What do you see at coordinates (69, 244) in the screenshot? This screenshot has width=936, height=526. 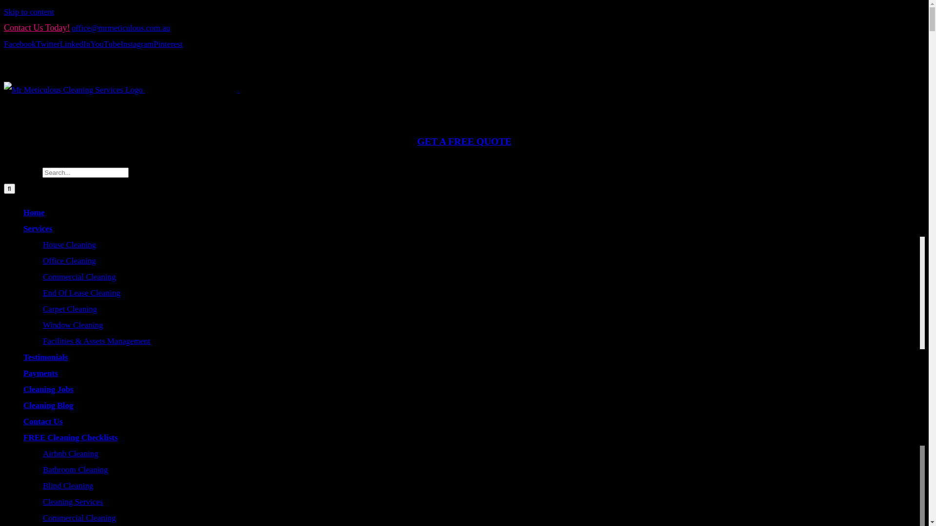 I see `'House Cleaning'` at bounding box center [69, 244].